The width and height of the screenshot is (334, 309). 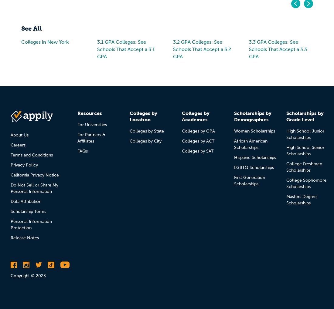 I want to click on 'Copyright © 2023', so click(x=28, y=276).